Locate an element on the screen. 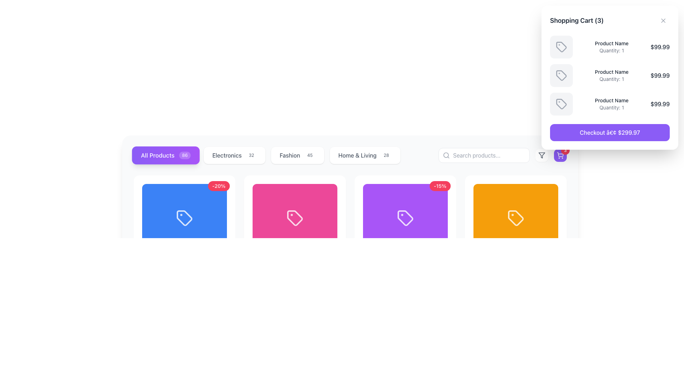  the product name text in the shopping cart sidebar is located at coordinates (610, 104).